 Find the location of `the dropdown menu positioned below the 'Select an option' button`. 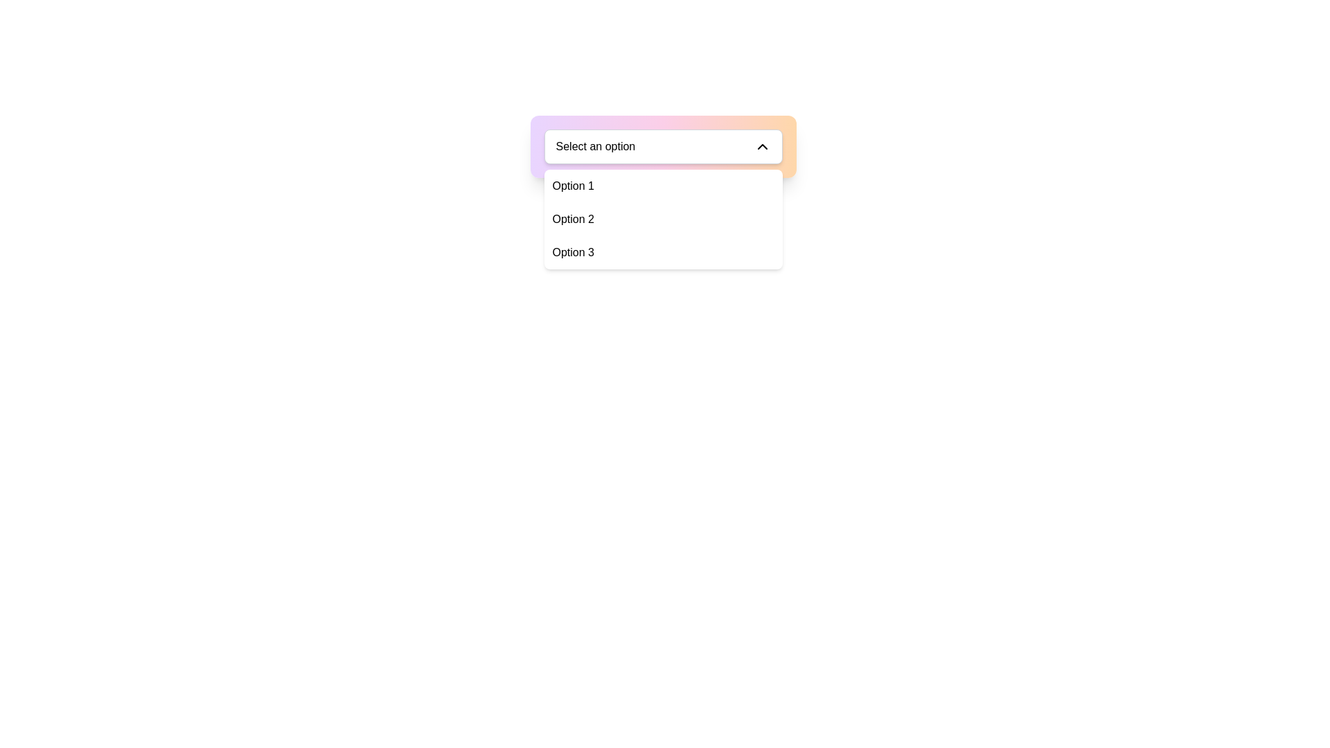

the dropdown menu positioned below the 'Select an option' button is located at coordinates (662, 218).